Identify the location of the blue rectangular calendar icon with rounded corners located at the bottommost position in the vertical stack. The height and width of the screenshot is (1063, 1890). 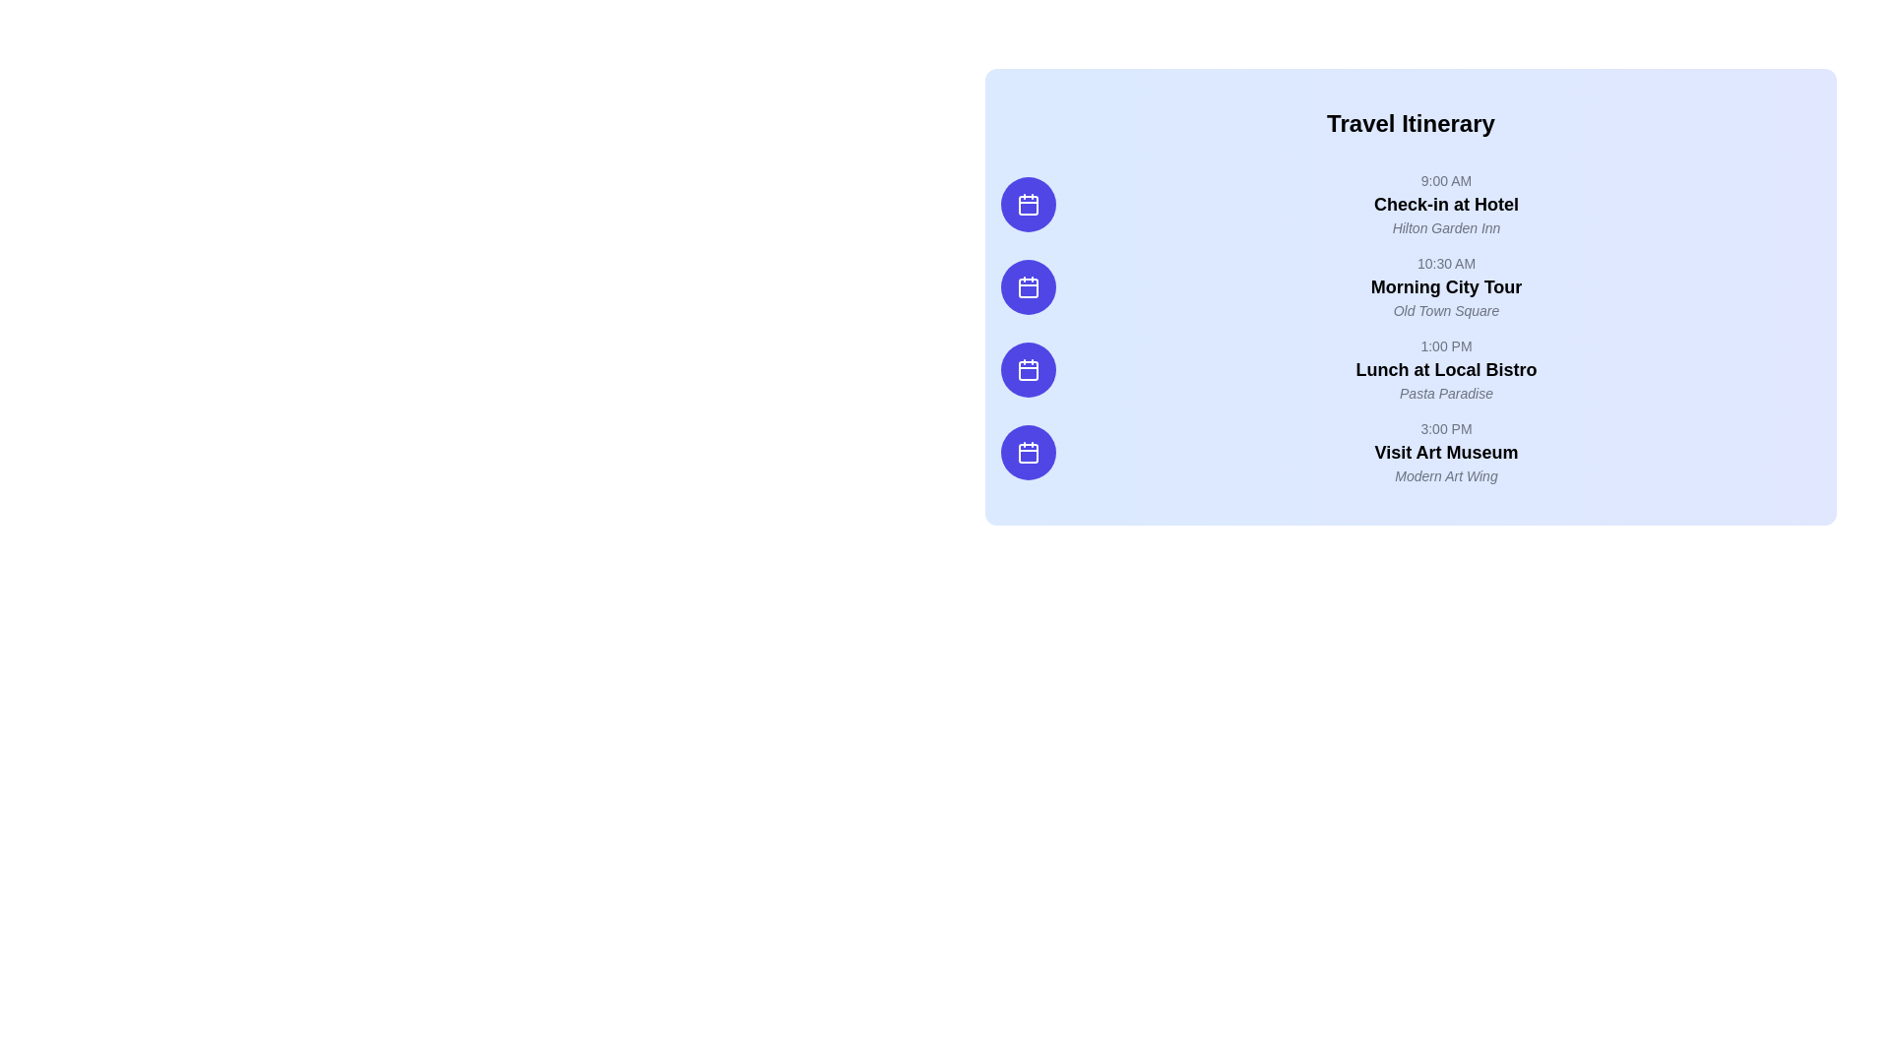
(1028, 454).